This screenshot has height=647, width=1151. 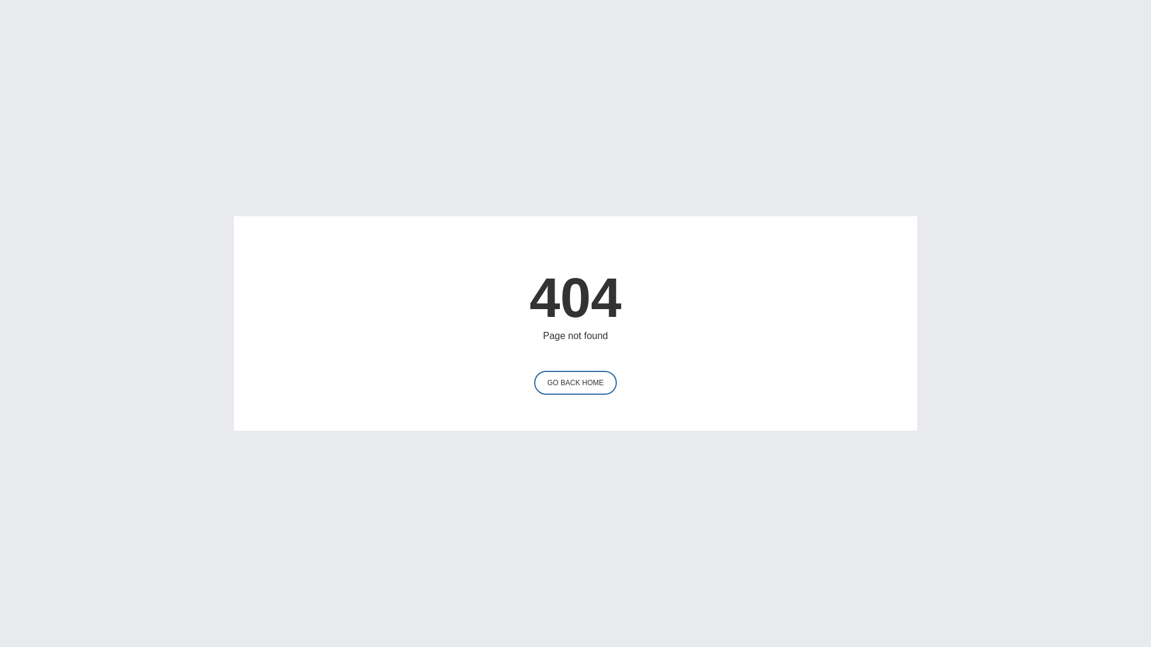 What do you see at coordinates (575, 383) in the screenshot?
I see `'GO BACK HOME'` at bounding box center [575, 383].